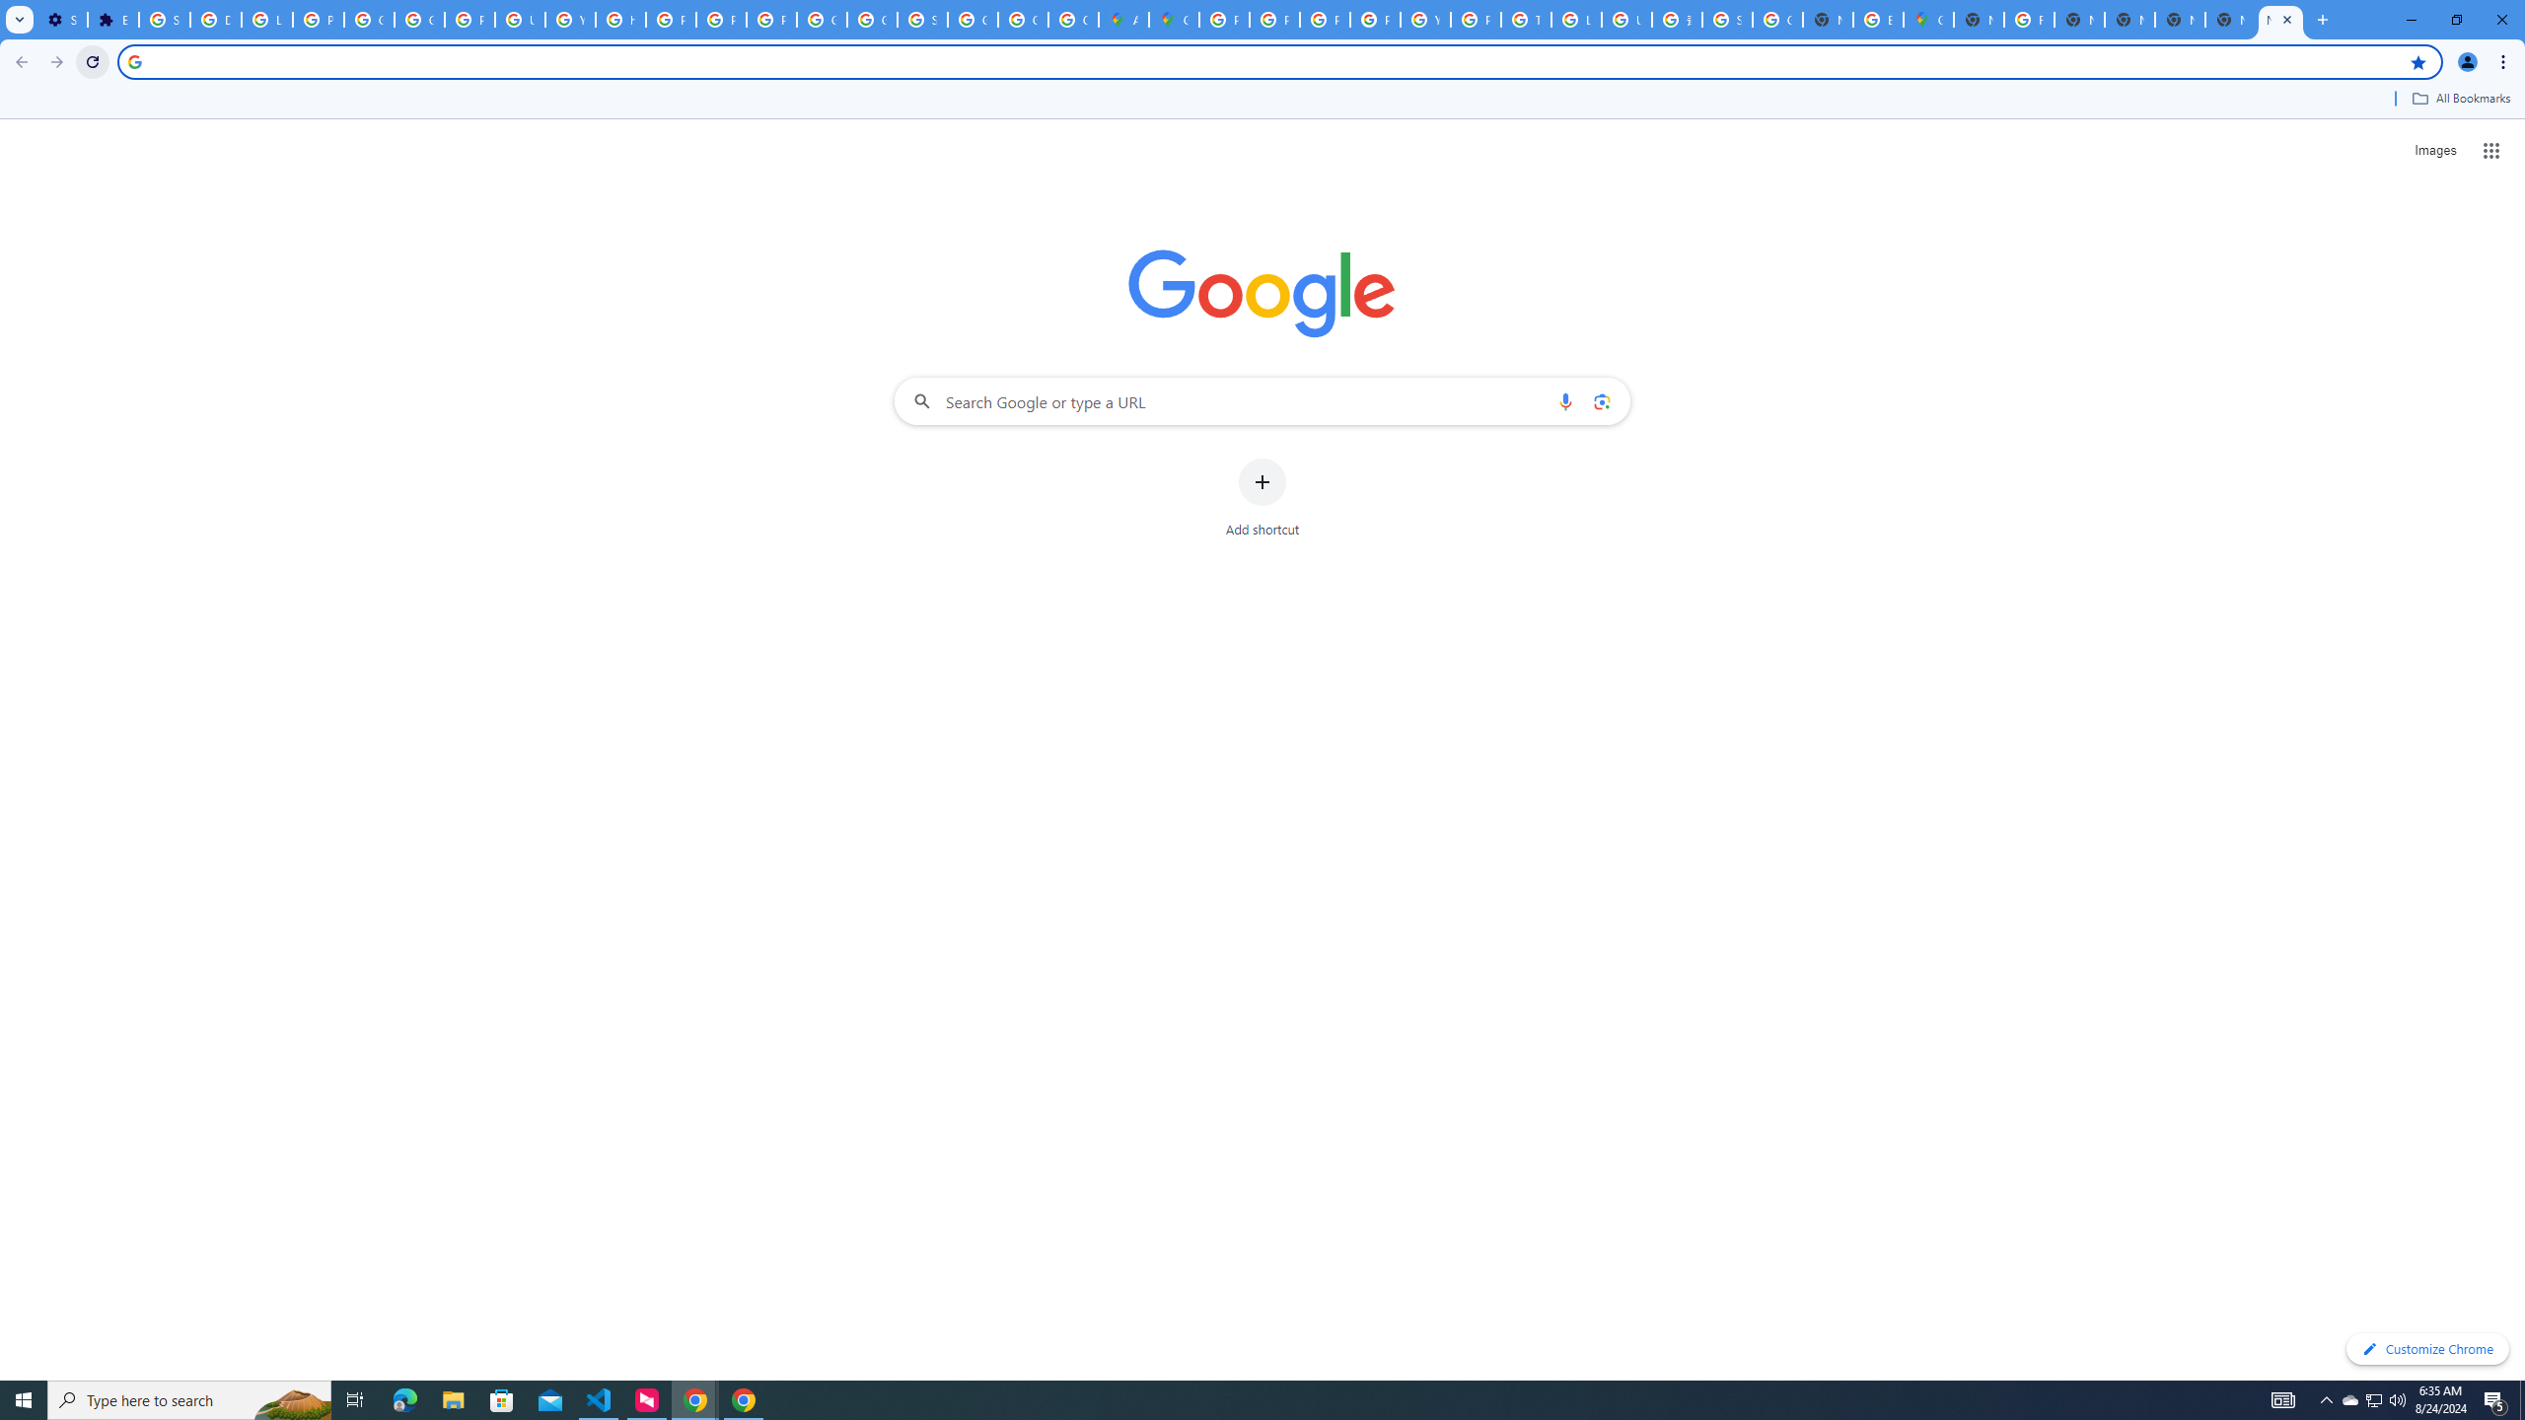 This screenshot has width=2525, height=1420. Describe the element at coordinates (1262, 498) in the screenshot. I see `'Add shortcut'` at that location.